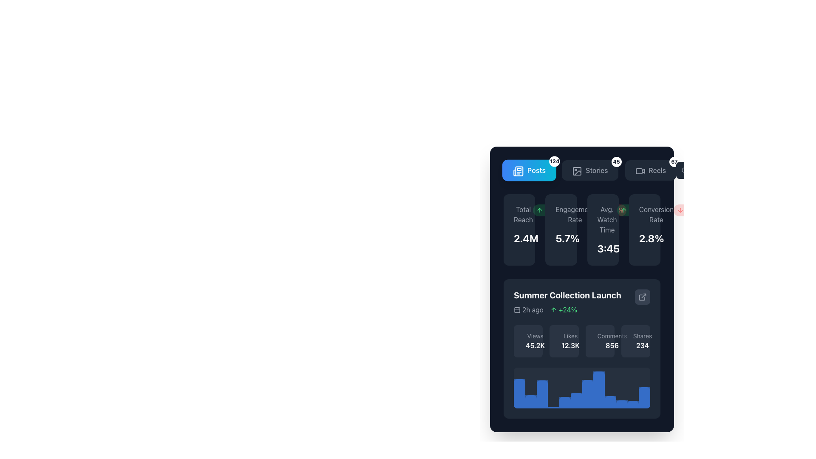  What do you see at coordinates (564, 310) in the screenshot?
I see `the text '+24%' with an upward arrow icon in green, located within the 'Summer Collection Launch.' section` at bounding box center [564, 310].